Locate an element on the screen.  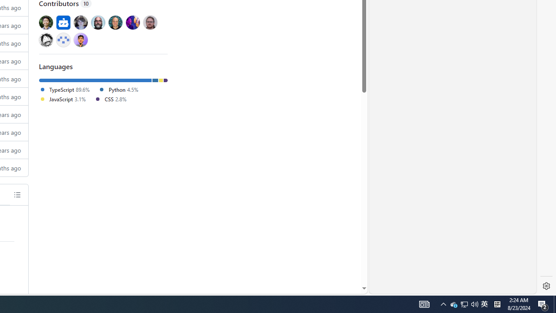
'@web3Gurung' is located at coordinates (80, 40).